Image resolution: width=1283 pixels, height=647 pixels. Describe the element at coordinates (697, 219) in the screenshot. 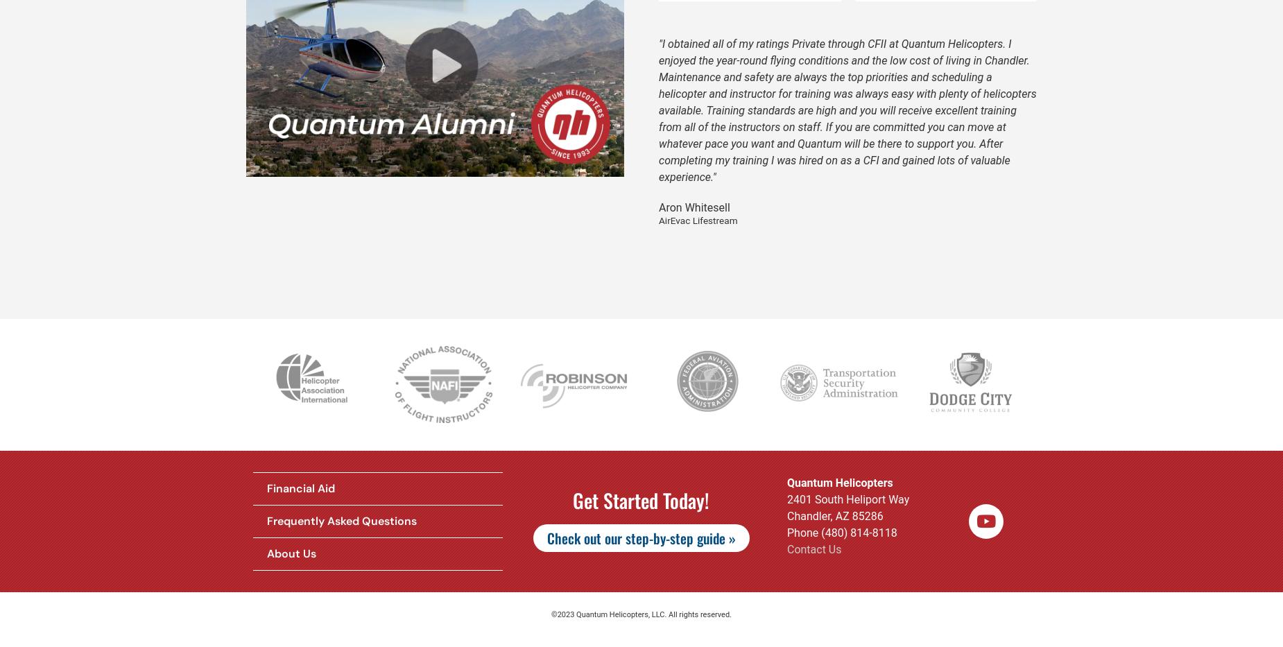

I see `'AirEvac Lifestream'` at that location.